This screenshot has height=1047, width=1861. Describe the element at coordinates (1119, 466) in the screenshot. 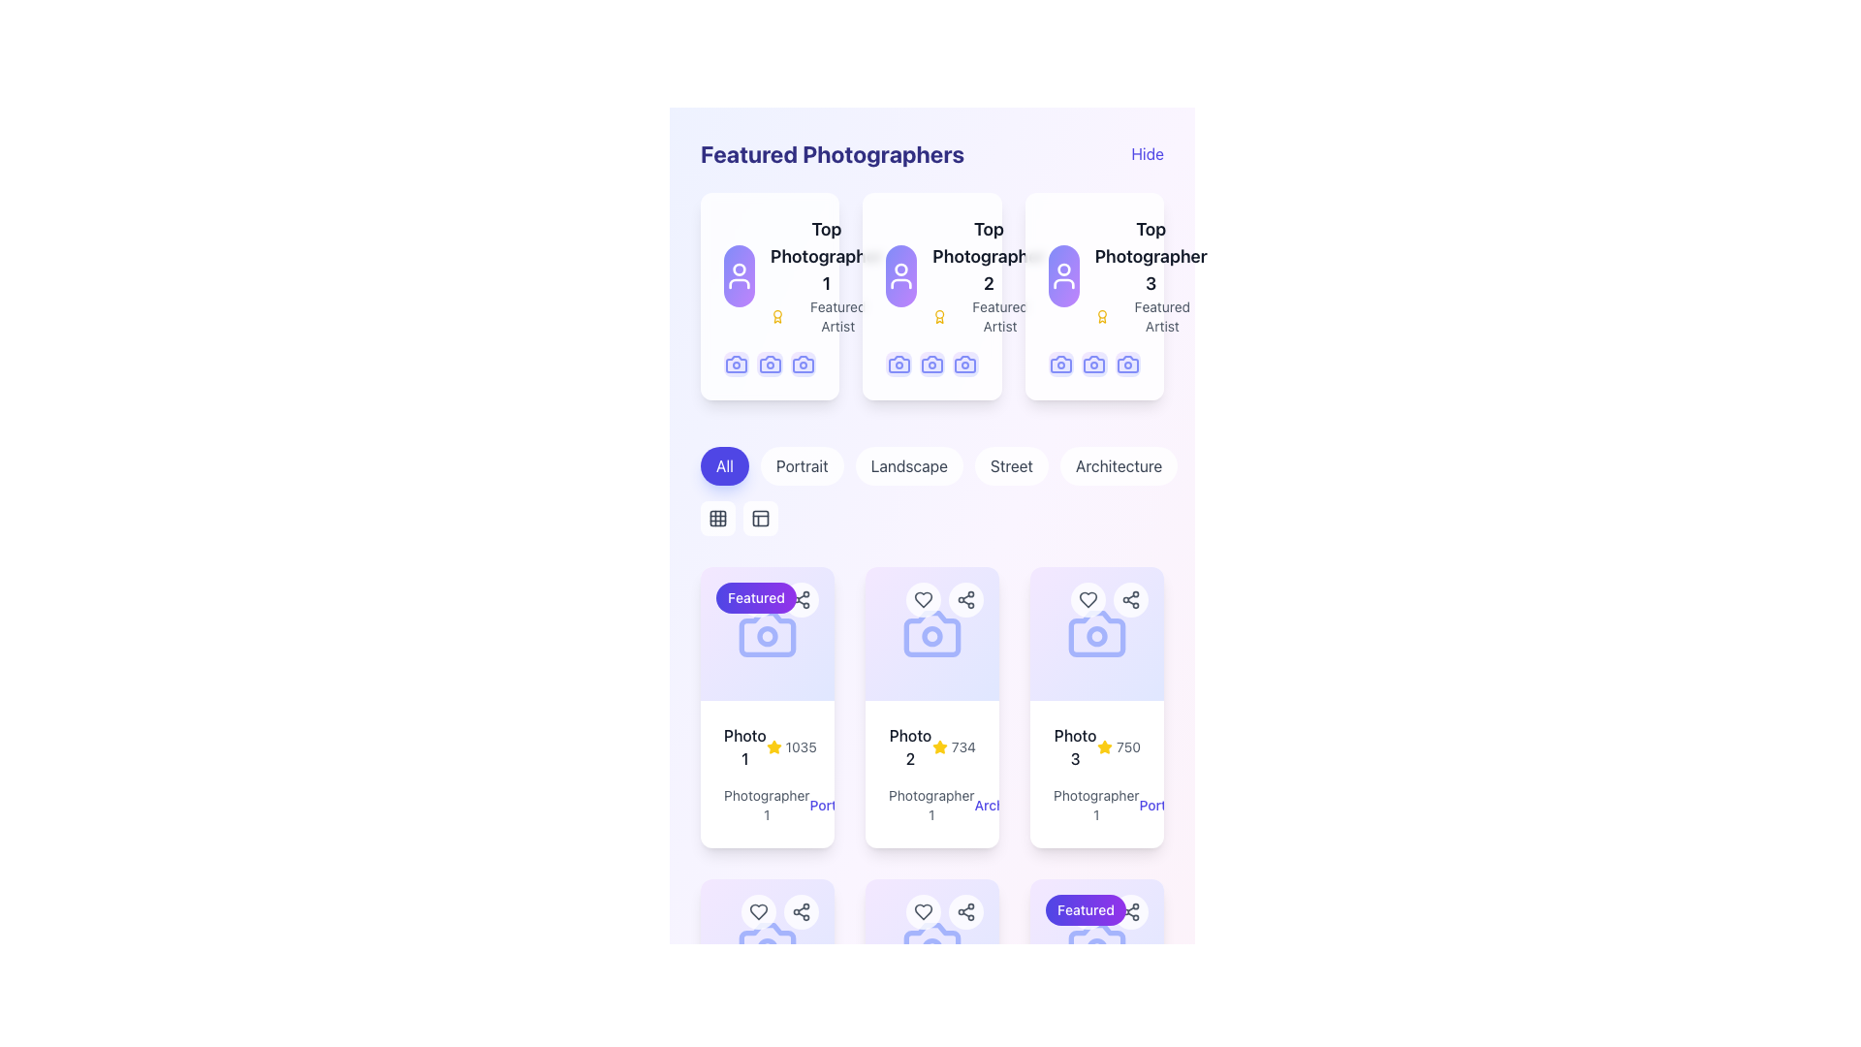

I see `the fifth button in the horizontal list of categorization buttons` at that location.